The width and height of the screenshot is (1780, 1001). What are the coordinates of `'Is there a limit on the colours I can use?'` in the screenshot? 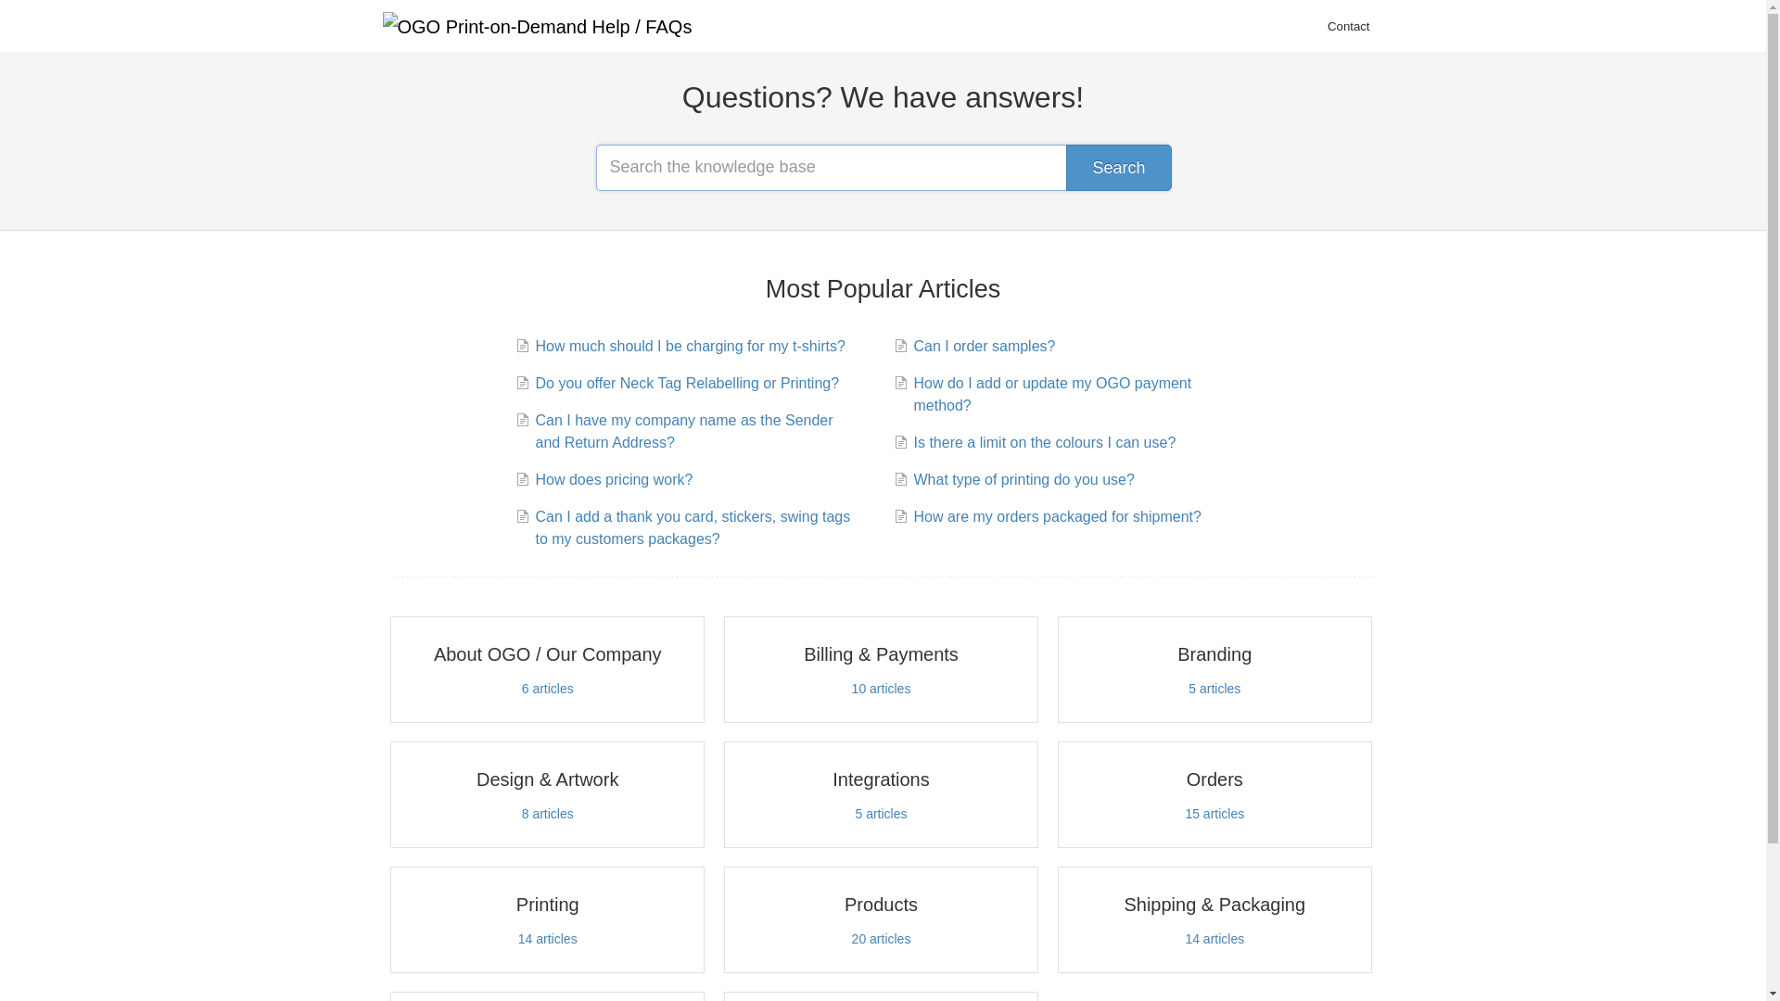 It's located at (1041, 443).